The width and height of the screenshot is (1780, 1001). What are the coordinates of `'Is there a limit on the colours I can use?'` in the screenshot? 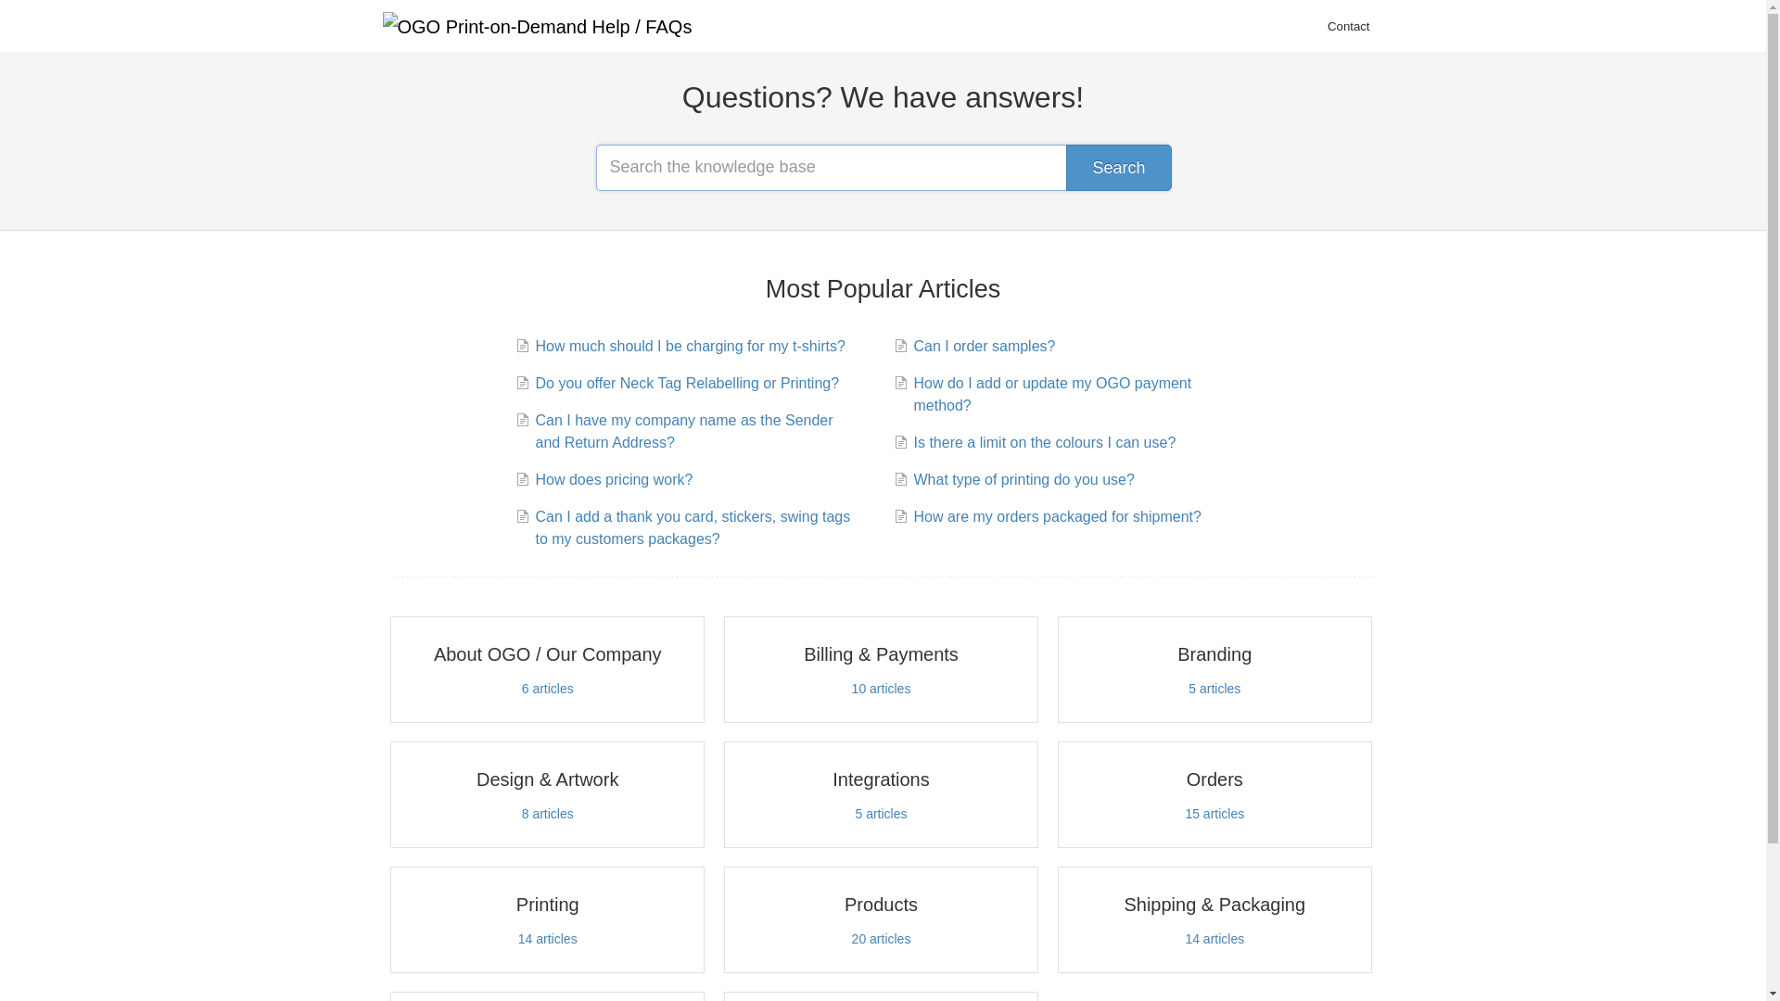 It's located at (1041, 443).